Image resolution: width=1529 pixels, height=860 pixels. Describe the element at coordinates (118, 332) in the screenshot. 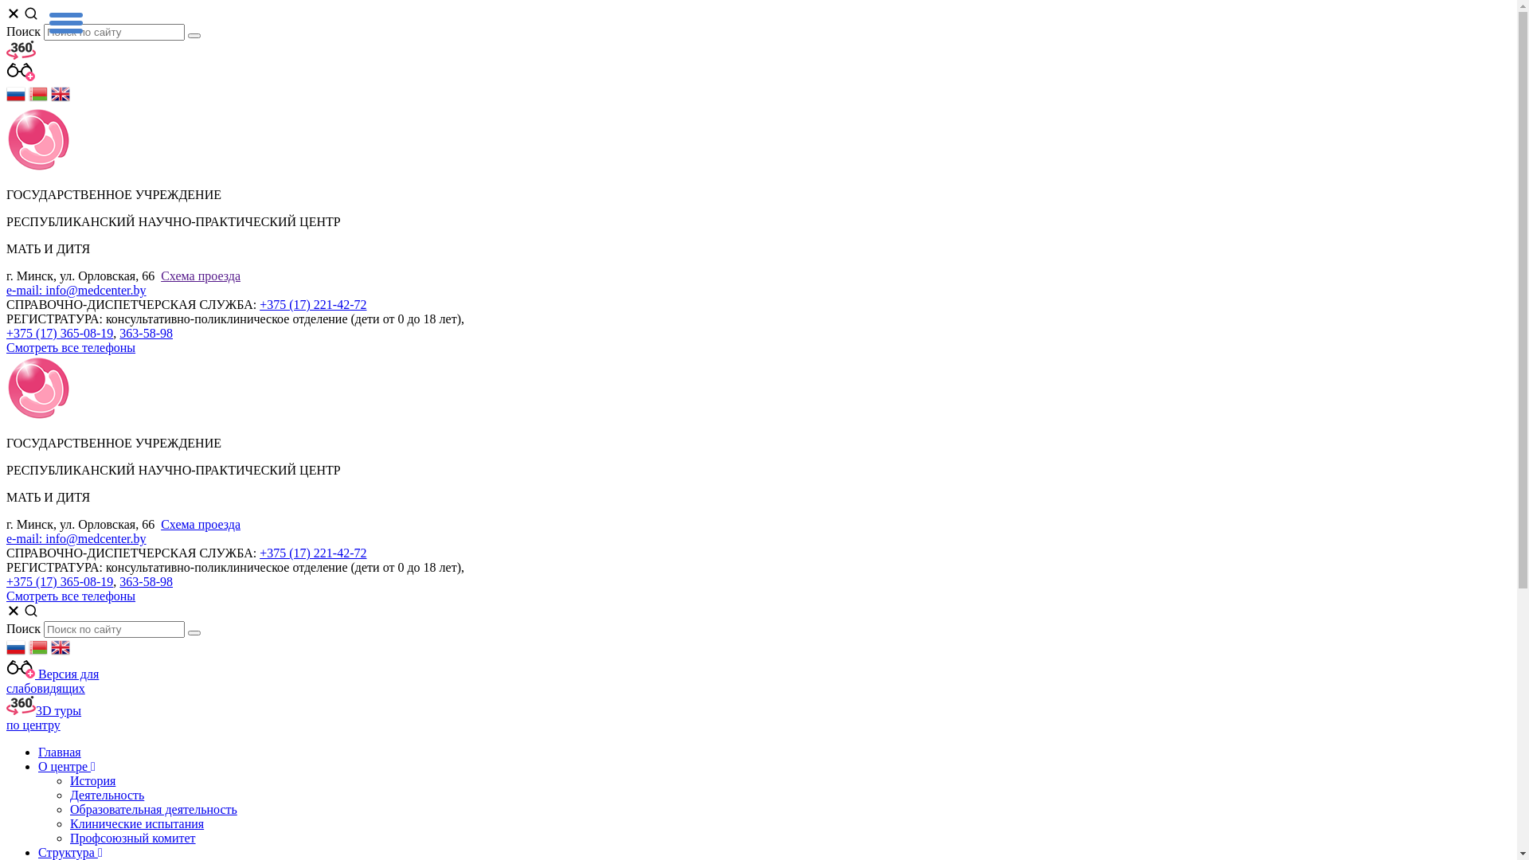

I see `'363-58-98'` at that location.